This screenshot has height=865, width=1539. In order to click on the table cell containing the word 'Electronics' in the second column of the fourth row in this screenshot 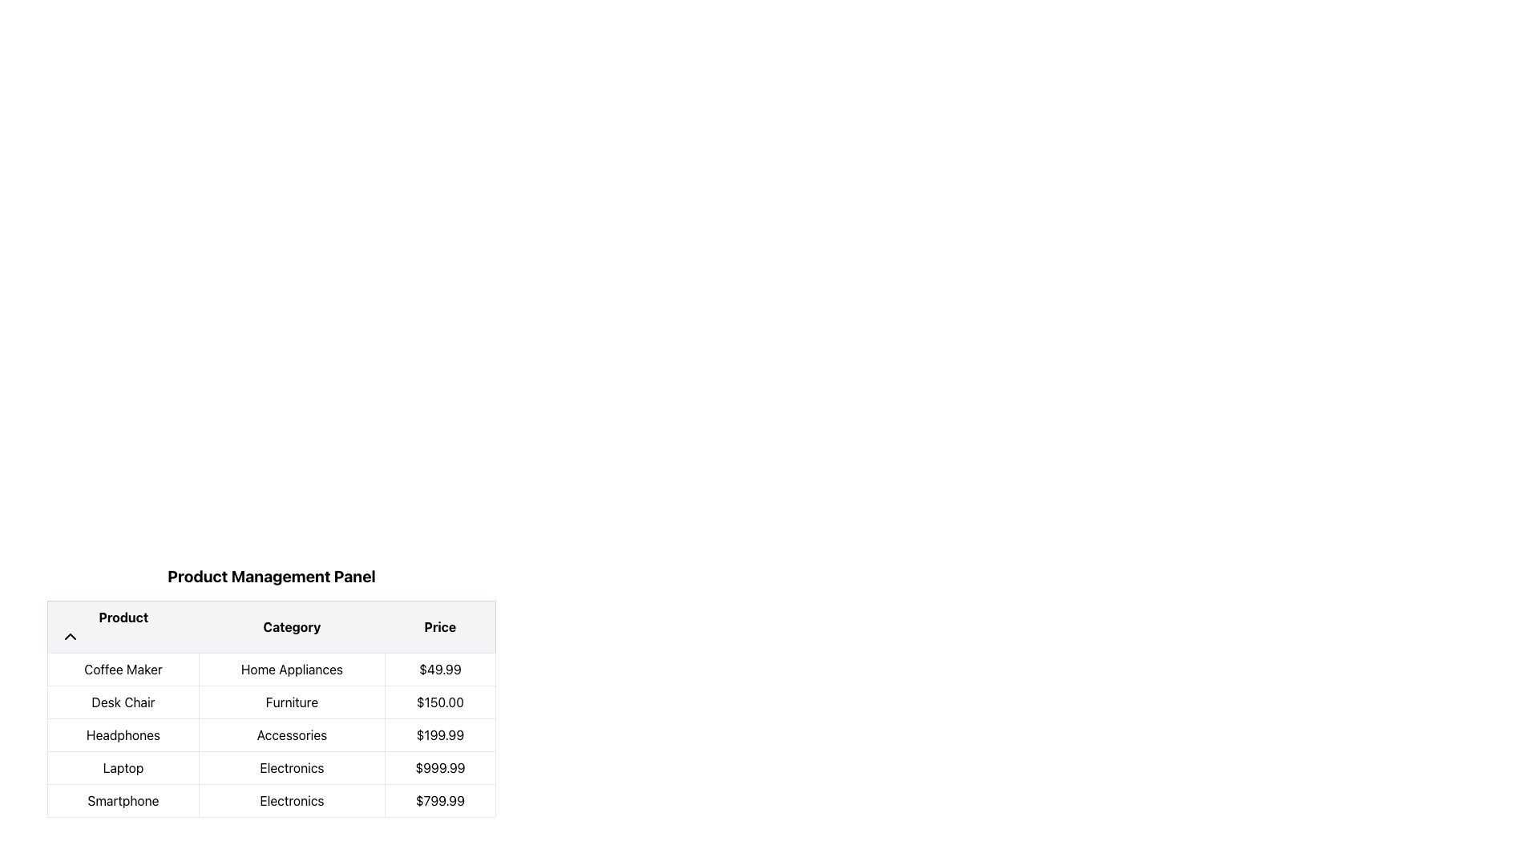, I will do `click(292, 767)`.